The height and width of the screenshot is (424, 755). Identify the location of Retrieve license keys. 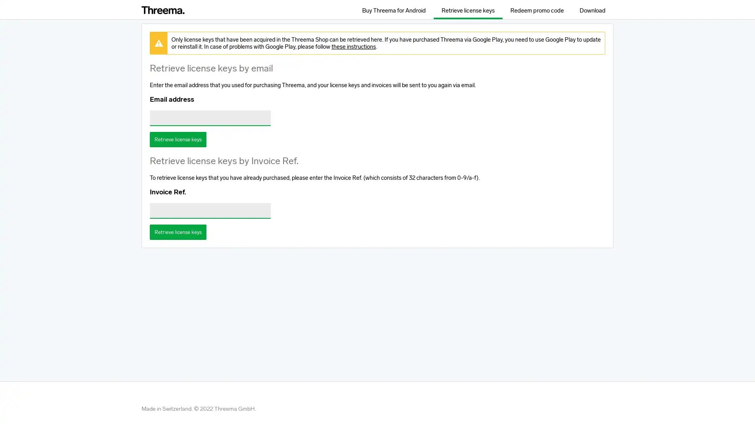
(177, 231).